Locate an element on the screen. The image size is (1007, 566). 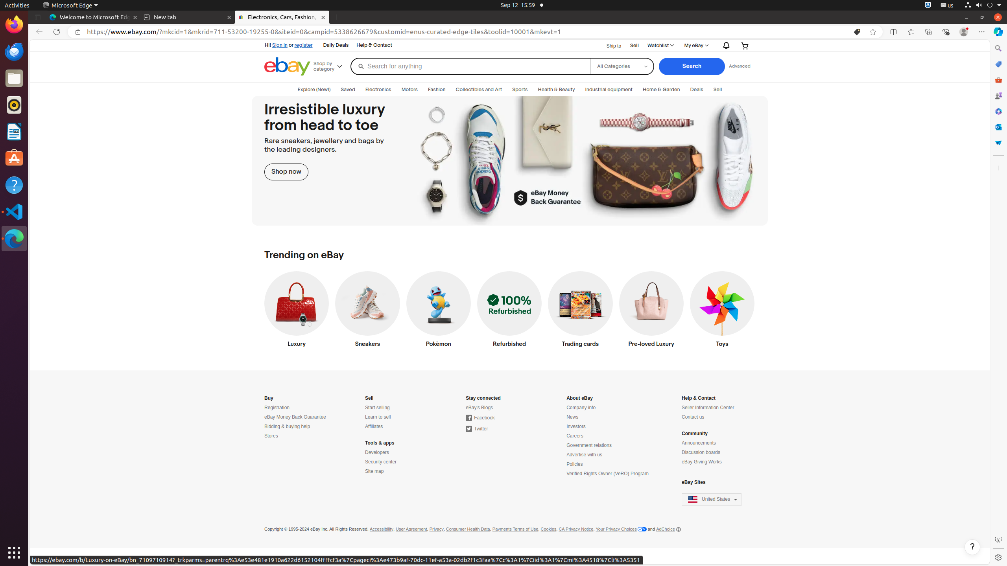
'Your Privacy Choices' is located at coordinates (621, 529).